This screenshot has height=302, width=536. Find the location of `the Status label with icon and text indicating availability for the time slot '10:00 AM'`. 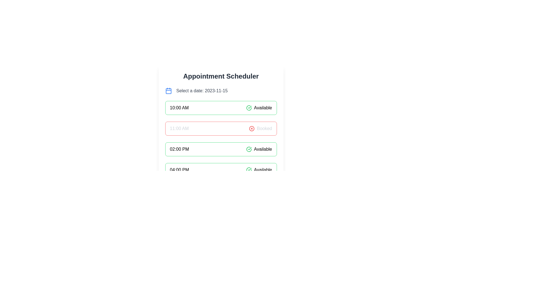

the Status label with icon and text indicating availability for the time slot '10:00 AM' is located at coordinates (259, 108).